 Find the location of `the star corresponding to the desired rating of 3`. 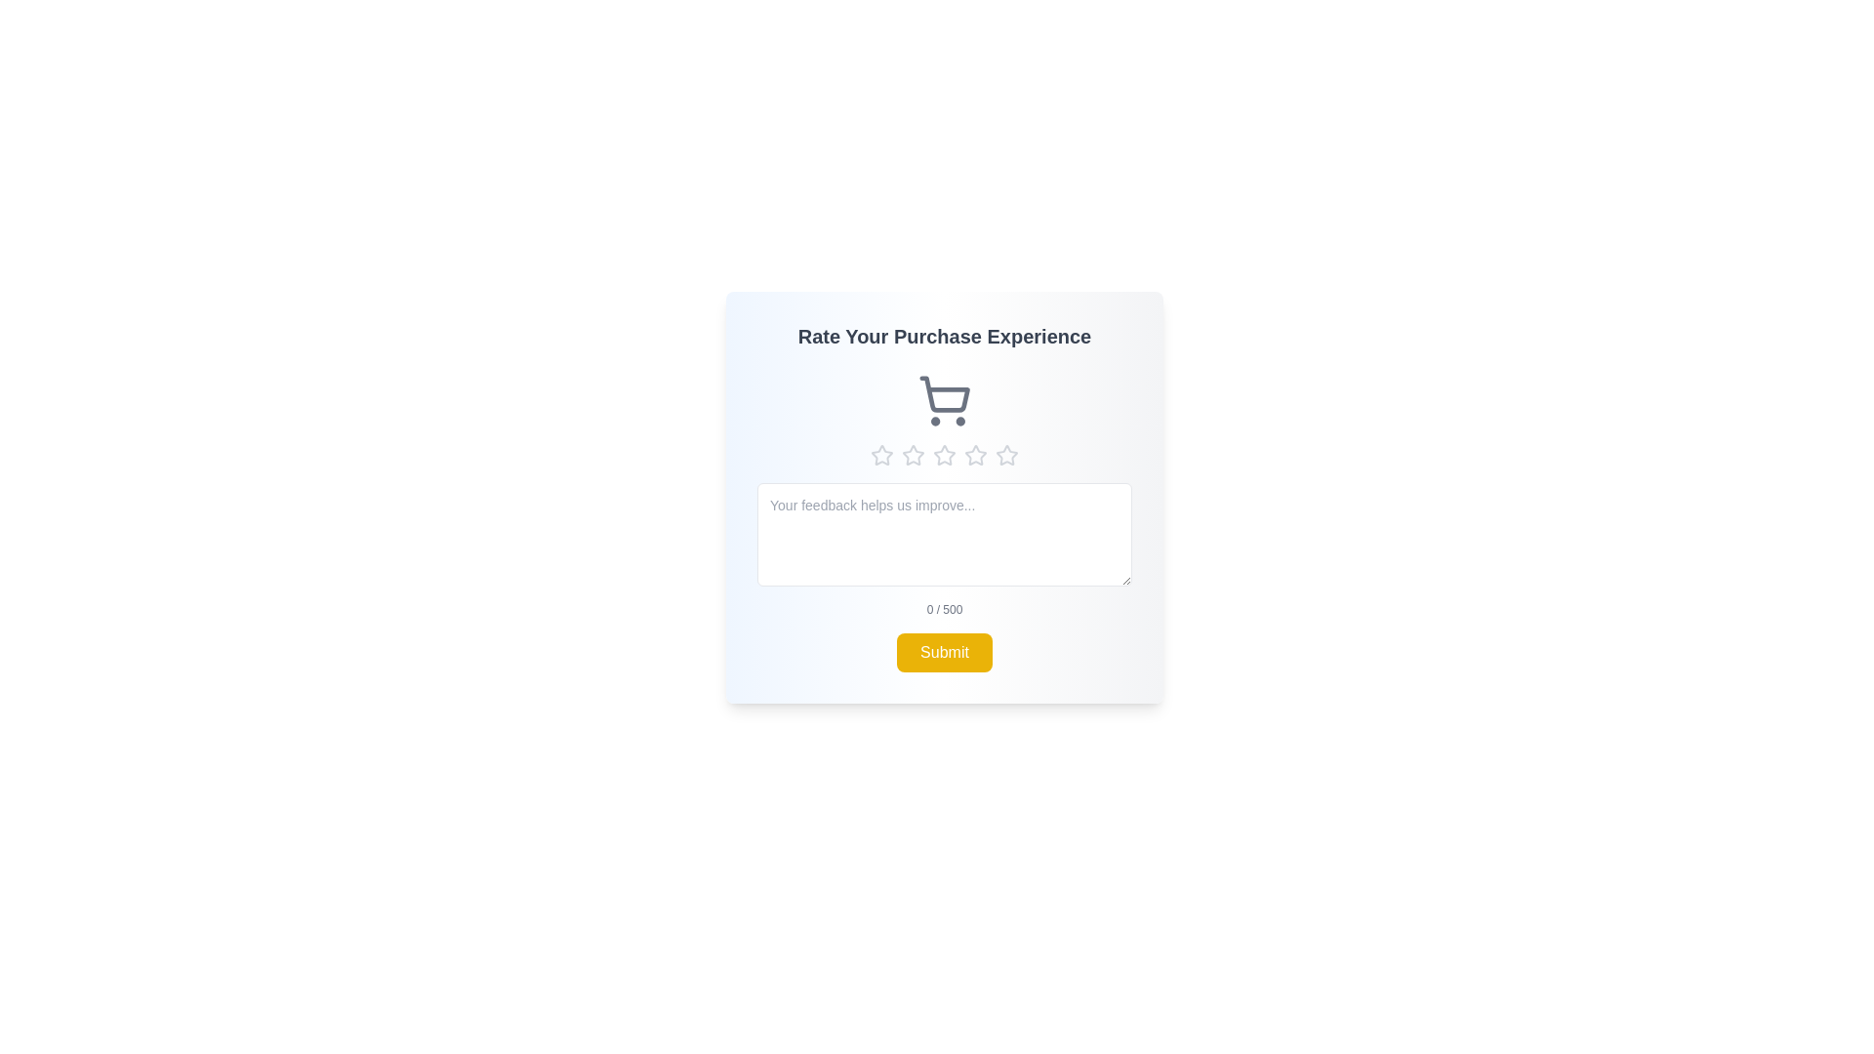

the star corresponding to the desired rating of 3 is located at coordinates (945, 455).